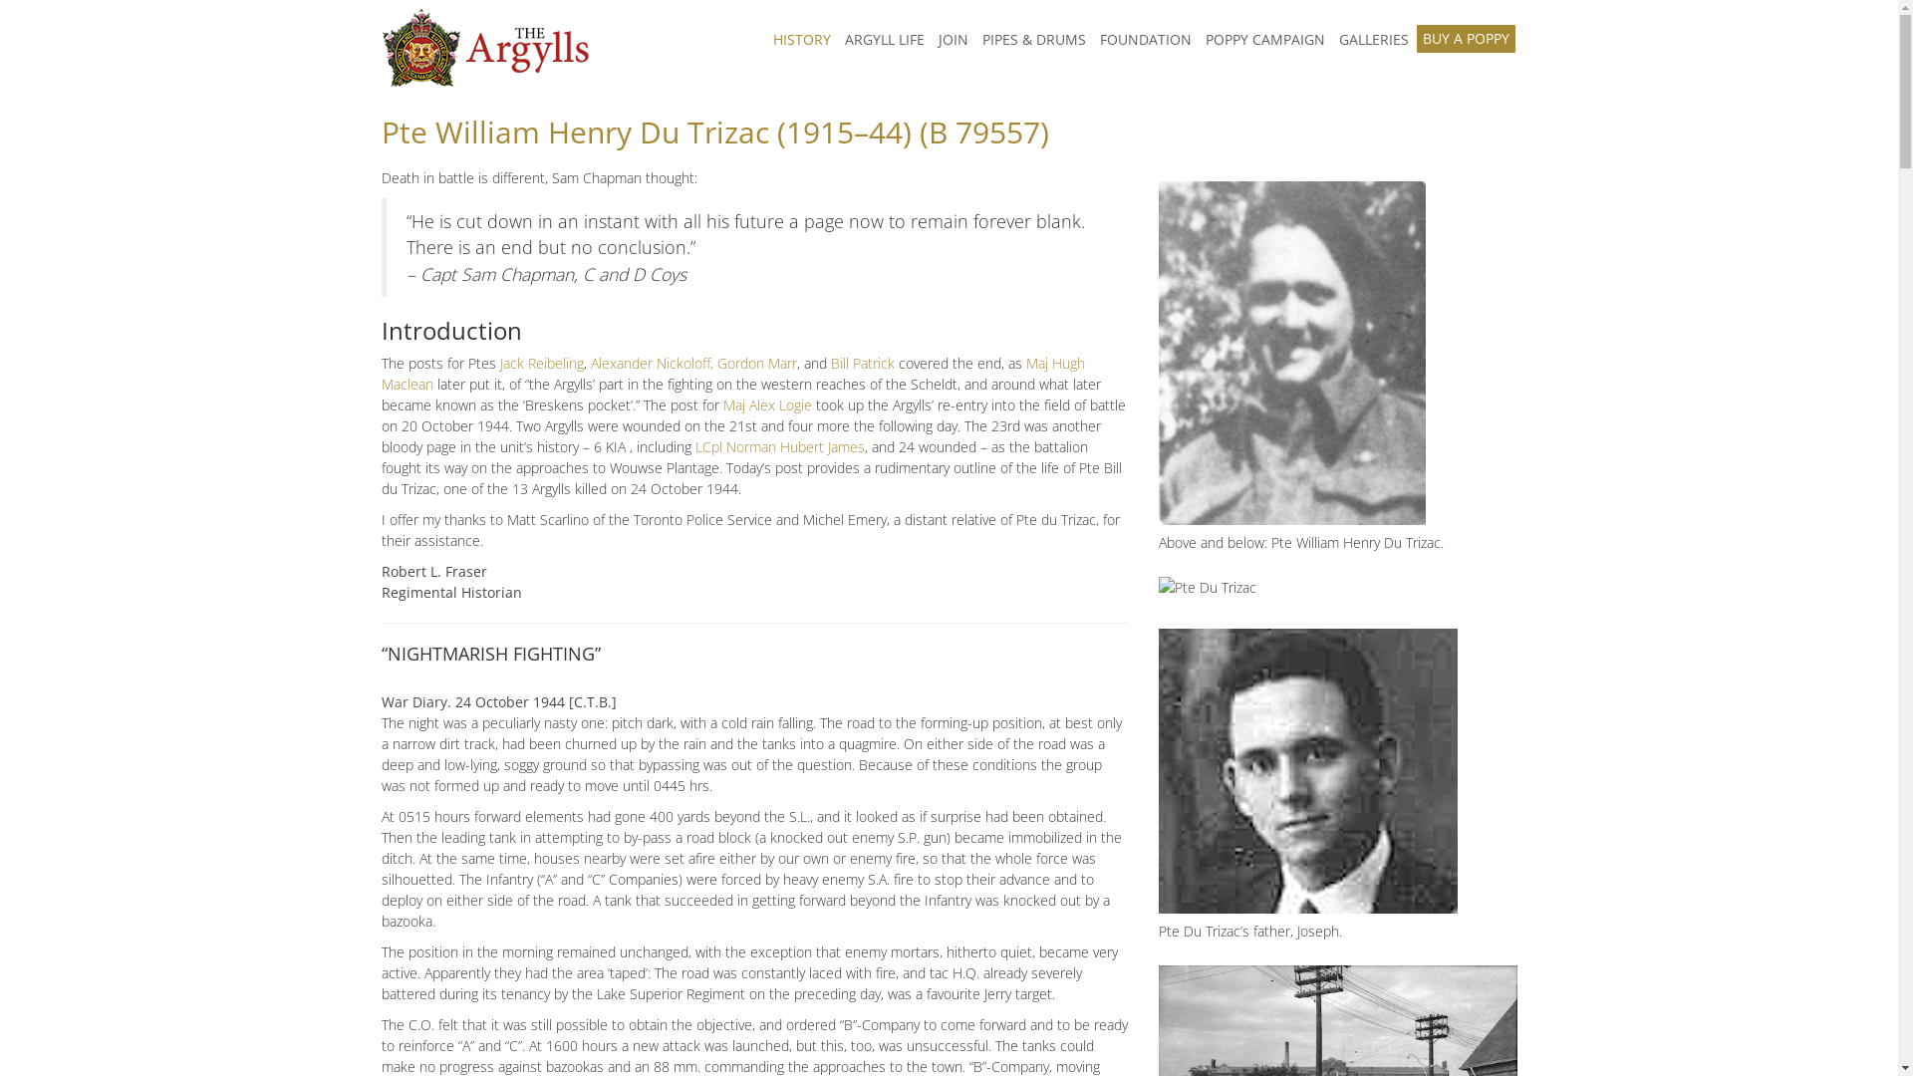  Describe the element at coordinates (764, 39) in the screenshot. I see `'HISTORY'` at that location.